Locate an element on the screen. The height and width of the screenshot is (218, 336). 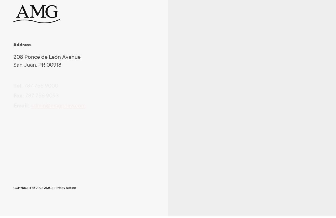
'admin@amgprlaw.com' is located at coordinates (58, 106).